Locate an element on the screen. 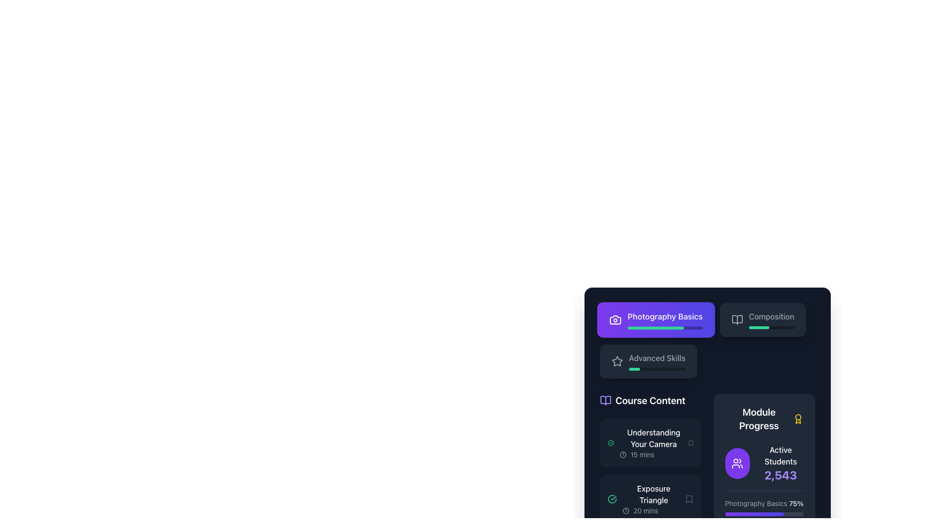  information displayed in the 'Photography Basics' completion percentage block, which shows '75%' is located at coordinates (764, 503).